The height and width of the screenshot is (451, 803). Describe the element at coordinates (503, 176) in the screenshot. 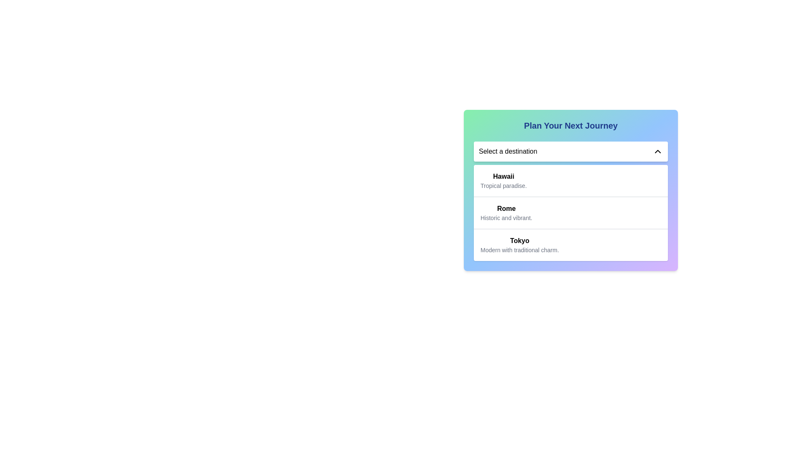

I see `bolded text label displaying 'Hawaii' located at the top of the dropdown menu labeled 'Select a destination'` at that location.